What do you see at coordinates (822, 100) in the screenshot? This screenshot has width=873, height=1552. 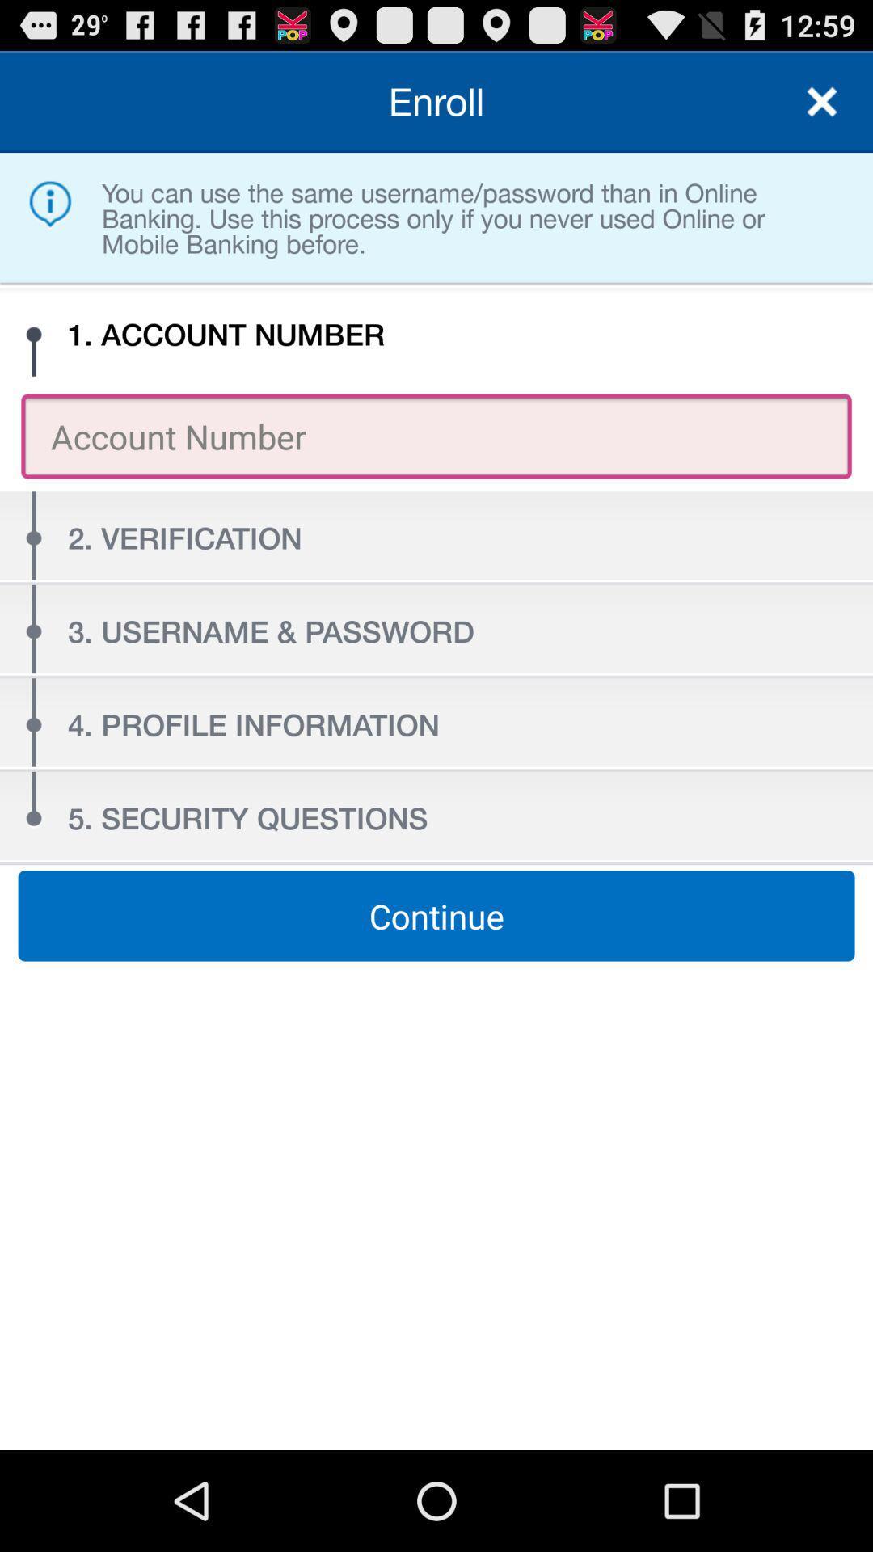 I see `item above you can use icon` at bounding box center [822, 100].